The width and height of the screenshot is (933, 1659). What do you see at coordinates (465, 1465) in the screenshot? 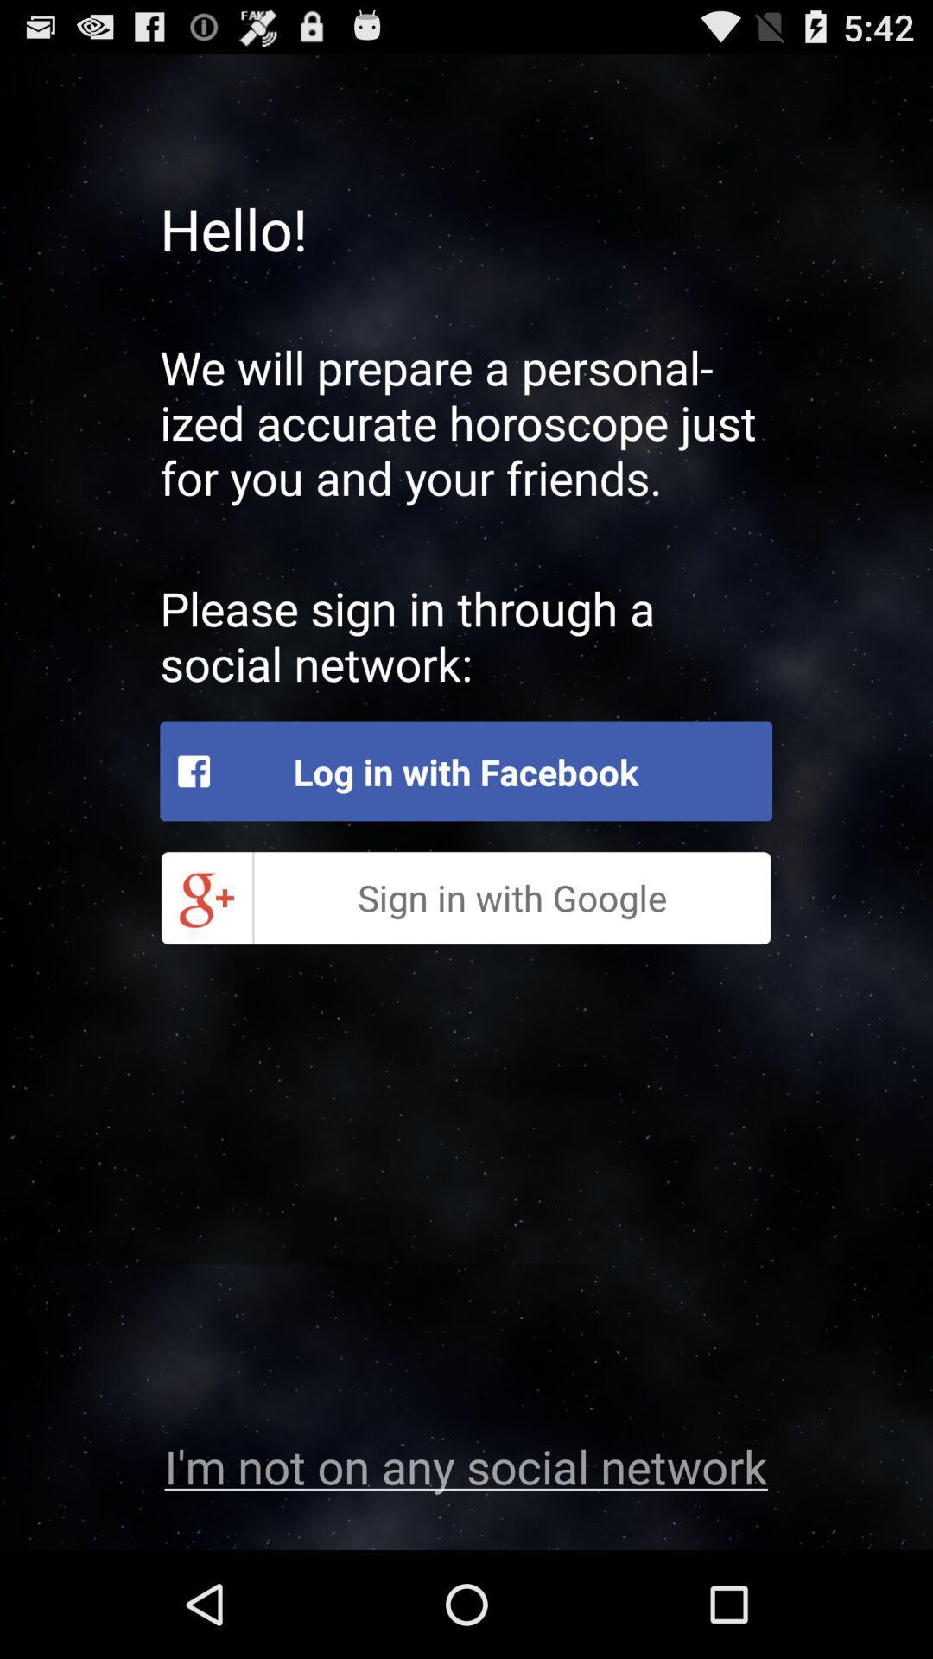
I see `the app at the bottom` at bounding box center [465, 1465].